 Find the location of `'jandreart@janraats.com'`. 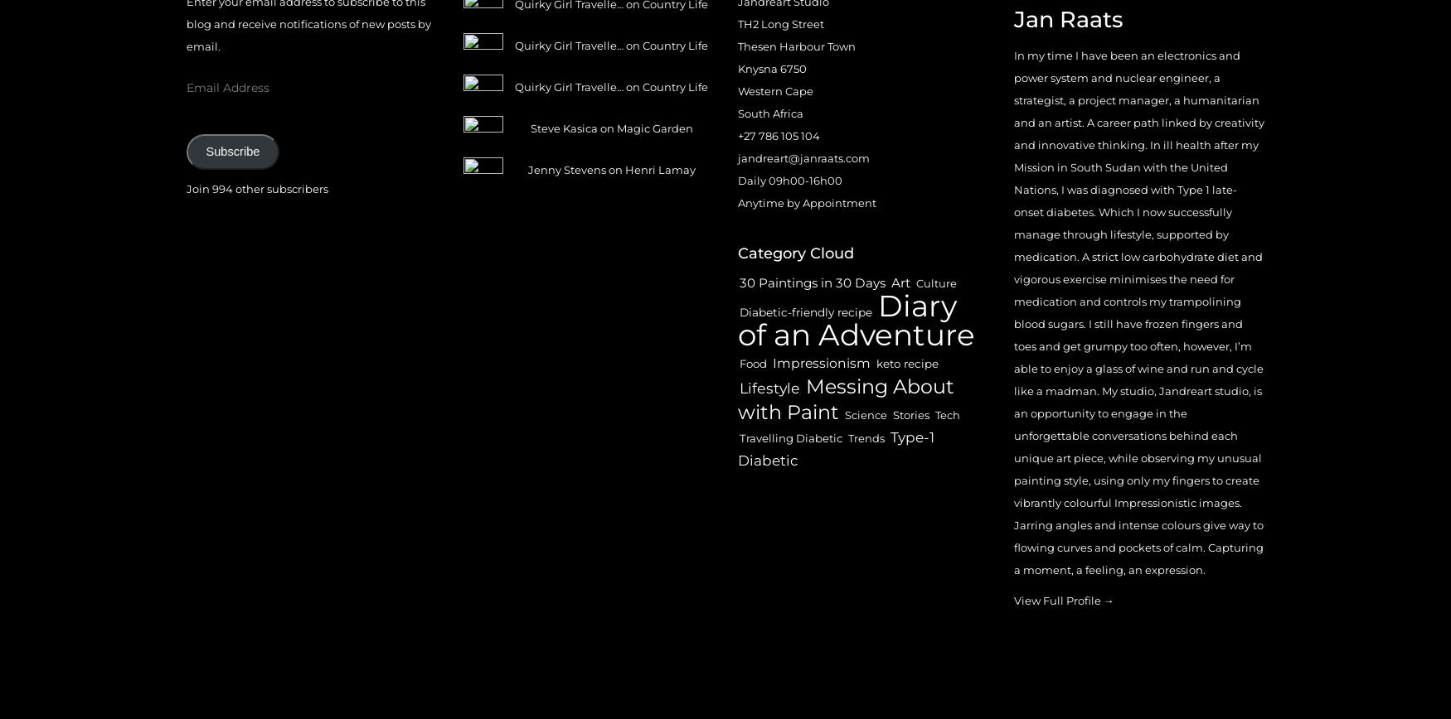

'jandreart@janraats.com' is located at coordinates (803, 157).